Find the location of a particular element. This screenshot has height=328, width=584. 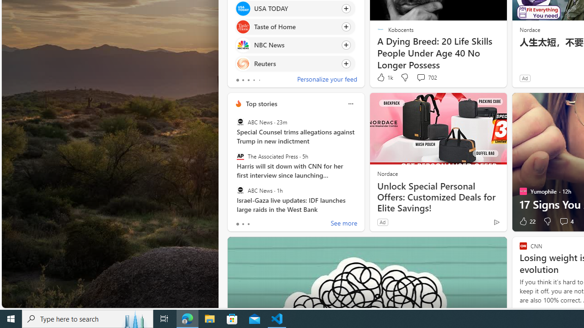

'Click to follow source USA TODAY' is located at coordinates (295, 8).